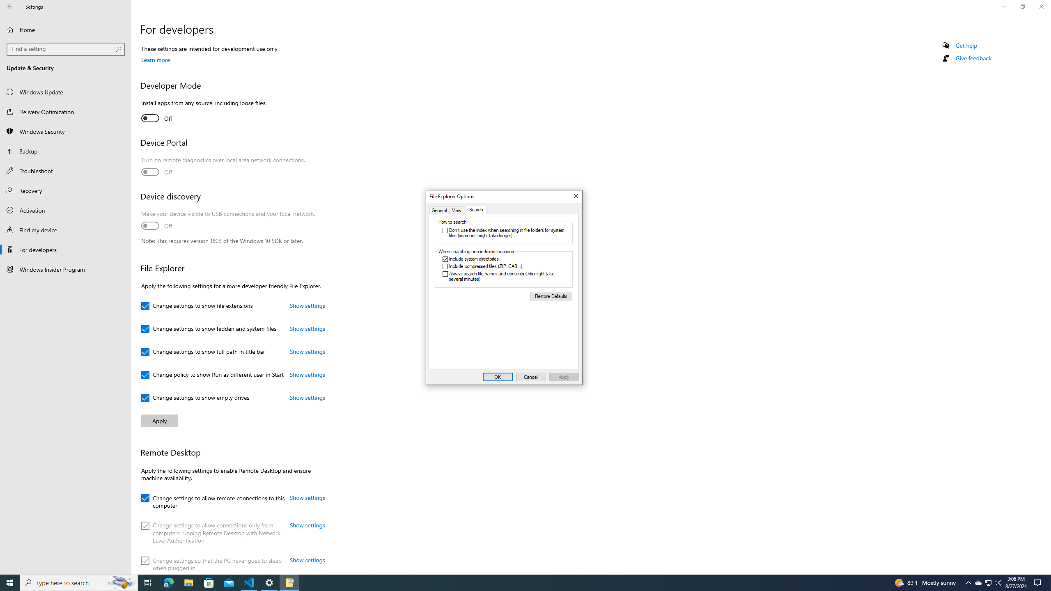 Image resolution: width=1051 pixels, height=591 pixels. Describe the element at coordinates (1049, 582) in the screenshot. I see `'Show desktop'` at that location.